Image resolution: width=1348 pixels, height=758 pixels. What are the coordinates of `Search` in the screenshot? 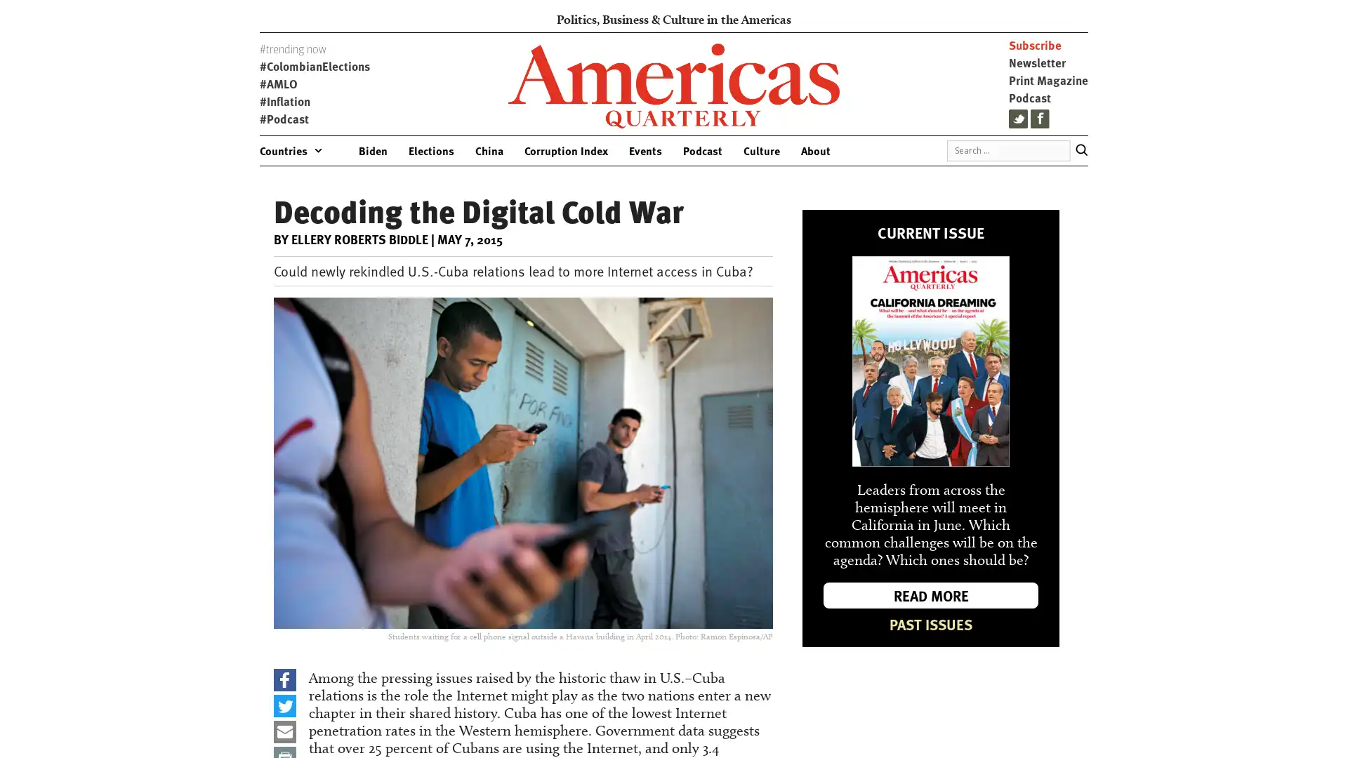 It's located at (1081, 149).